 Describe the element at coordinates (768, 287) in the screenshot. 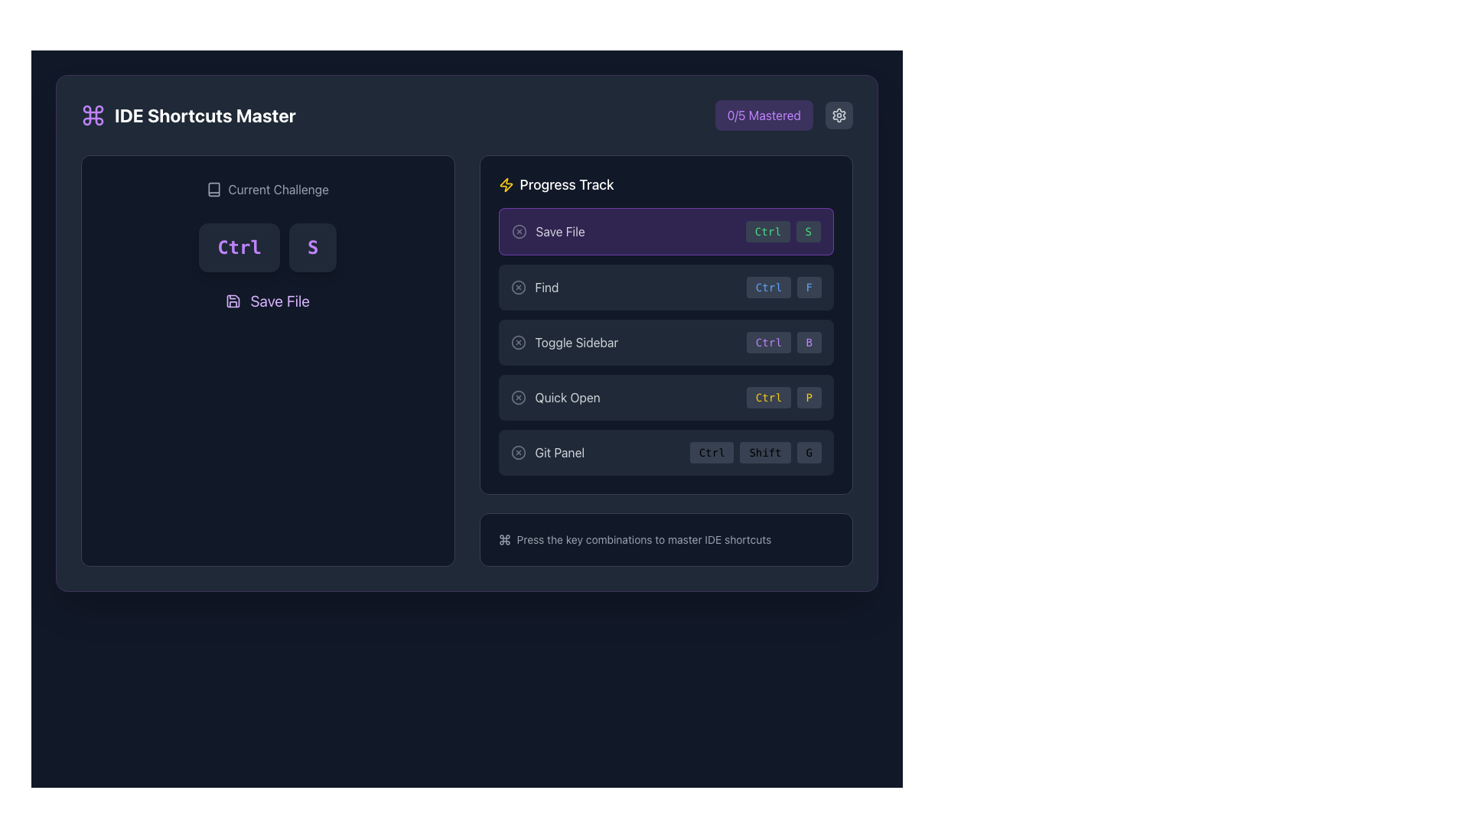

I see `the rectangular button-like label with the text 'Ctrl', which has a dark gray background and blue text, located in the right-hand section of the 'Find' entry in the 'Progress Track' panel` at that location.